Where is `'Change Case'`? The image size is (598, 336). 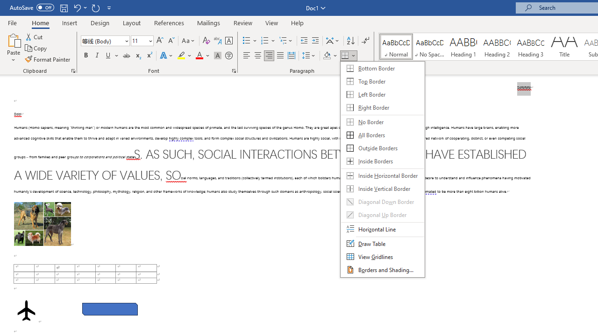 'Change Case' is located at coordinates (188, 40).